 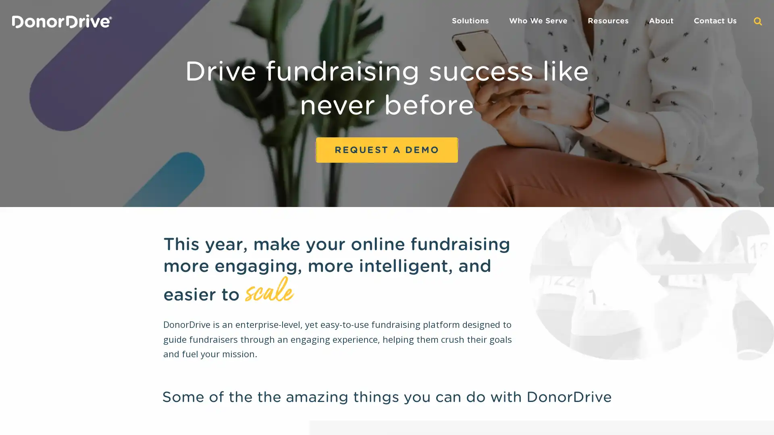 I want to click on Solutions, so click(x=470, y=20).